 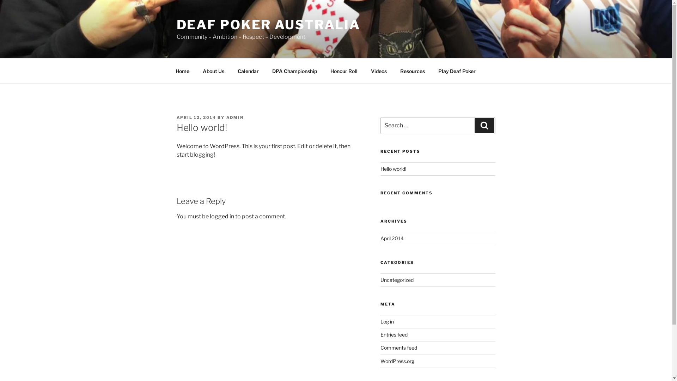 I want to click on 'About Us', so click(x=213, y=71).